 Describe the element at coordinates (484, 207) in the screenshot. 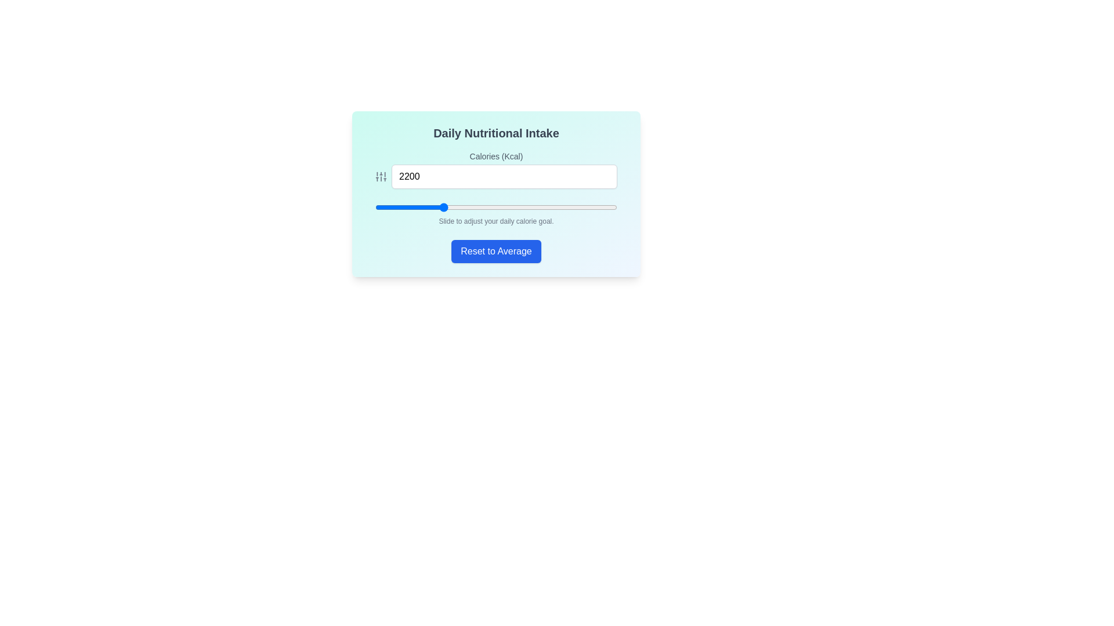

I see `the calorie goal` at that location.